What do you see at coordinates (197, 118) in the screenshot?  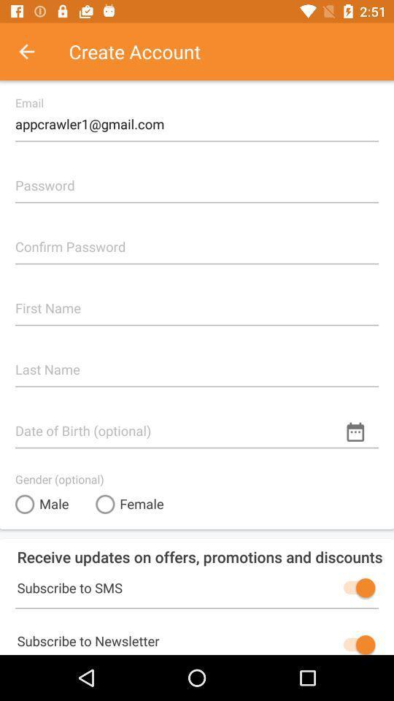 I see `appcrawler1@gmail.com icon` at bounding box center [197, 118].